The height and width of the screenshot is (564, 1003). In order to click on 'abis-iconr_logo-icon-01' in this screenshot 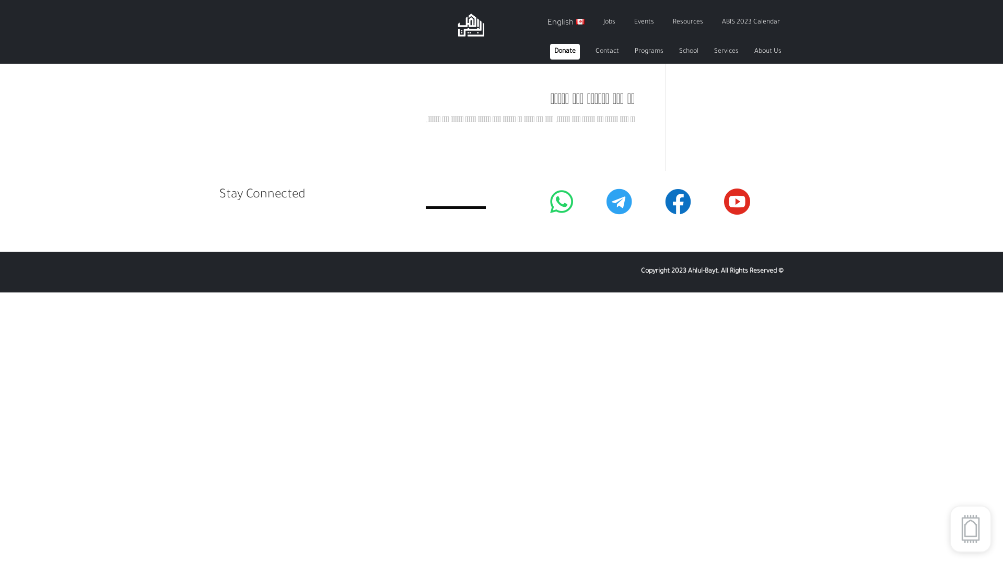, I will do `click(456, 24)`.